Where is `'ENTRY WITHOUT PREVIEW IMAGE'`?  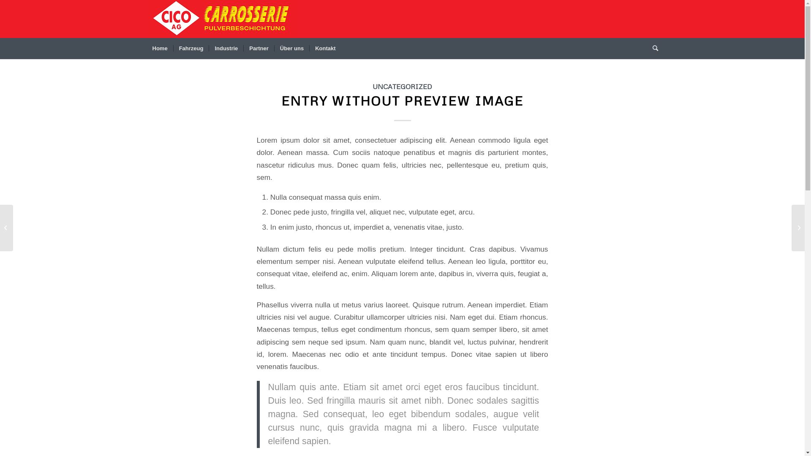
'ENTRY WITHOUT PREVIEW IMAGE' is located at coordinates (402, 100).